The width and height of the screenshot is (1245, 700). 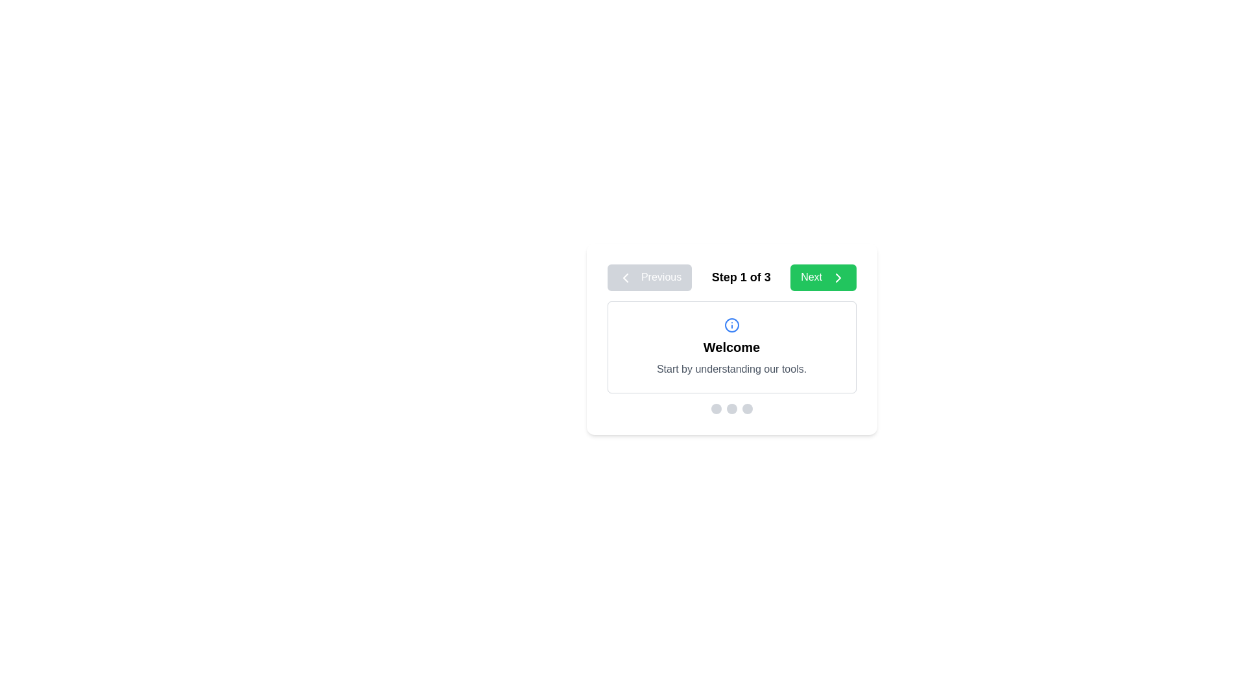 What do you see at coordinates (715, 408) in the screenshot?
I see `the first circular progress indicator, which is highlighted in blue and located at the bottom center of the interface, beneath the 'Welcome' message` at bounding box center [715, 408].